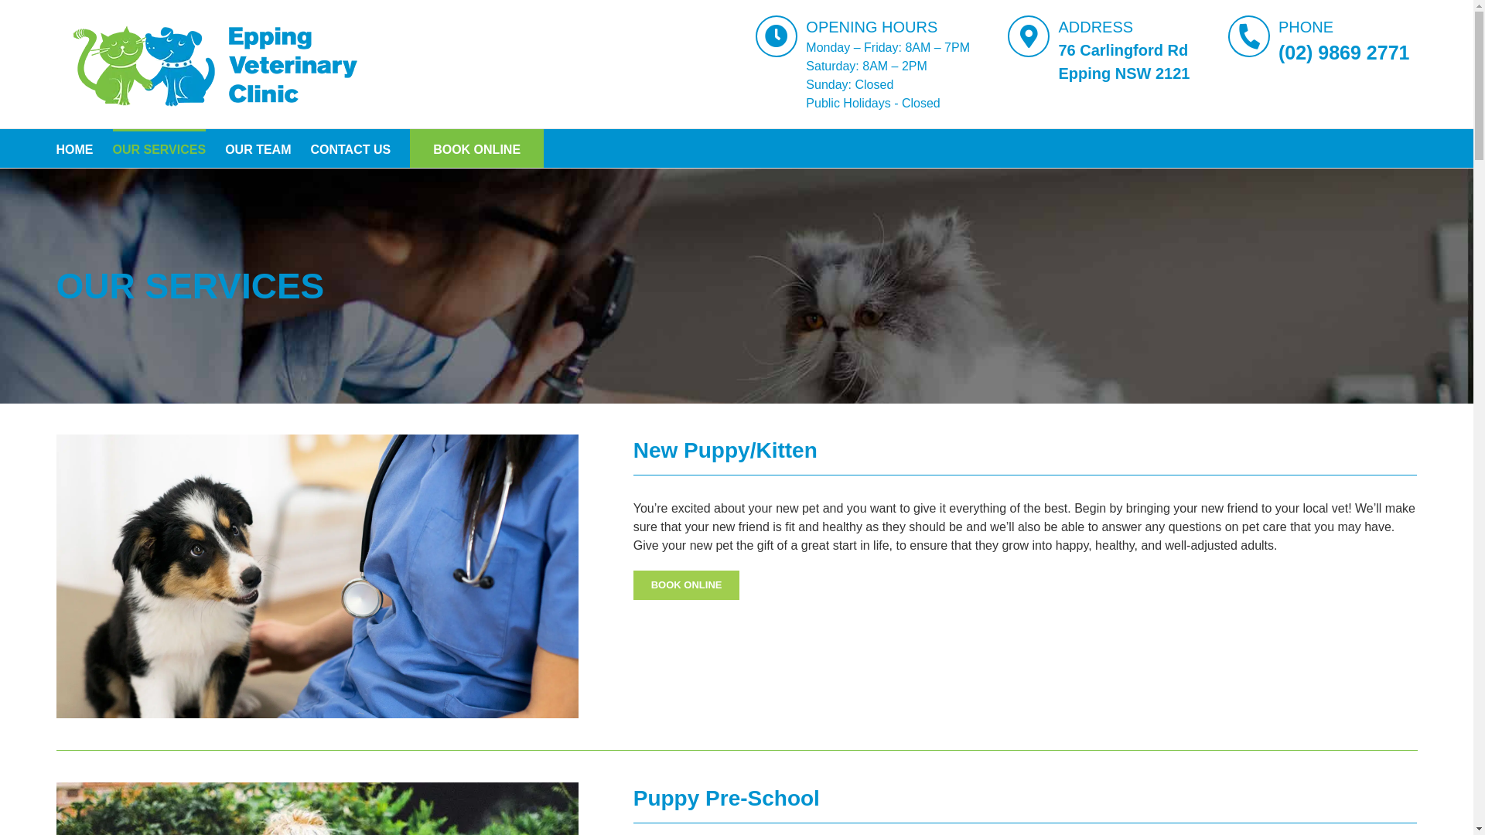 This screenshot has width=1485, height=835. Describe the element at coordinates (111, 148) in the screenshot. I see `'OUR SERVICES'` at that location.